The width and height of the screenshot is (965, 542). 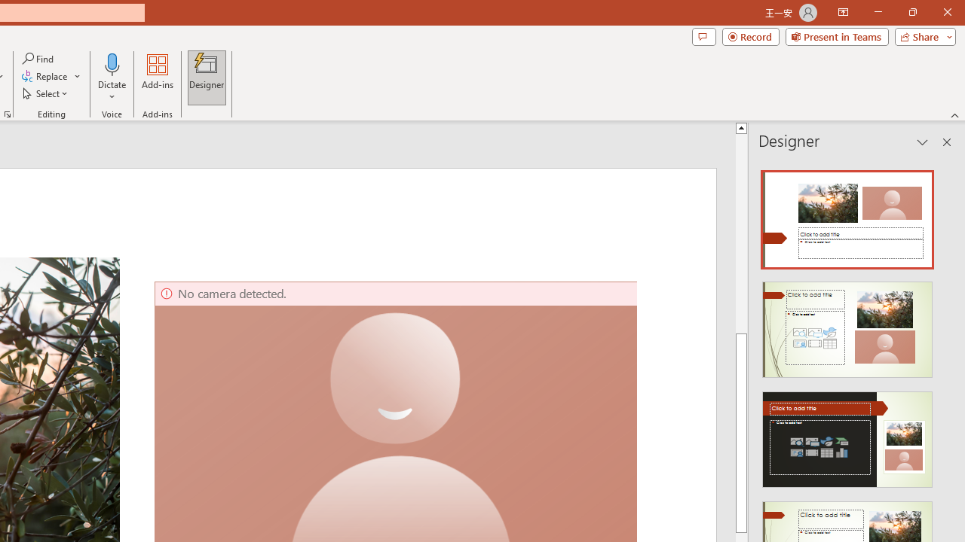 What do you see at coordinates (206, 78) in the screenshot?
I see `'Designer'` at bounding box center [206, 78].